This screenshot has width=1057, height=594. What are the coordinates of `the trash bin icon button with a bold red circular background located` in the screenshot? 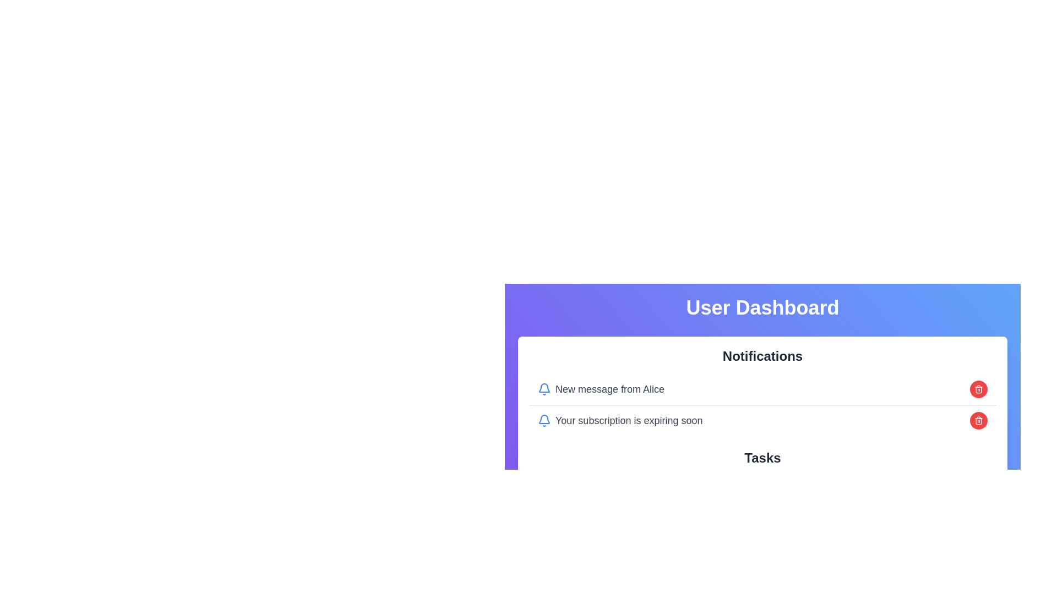 It's located at (978, 420).